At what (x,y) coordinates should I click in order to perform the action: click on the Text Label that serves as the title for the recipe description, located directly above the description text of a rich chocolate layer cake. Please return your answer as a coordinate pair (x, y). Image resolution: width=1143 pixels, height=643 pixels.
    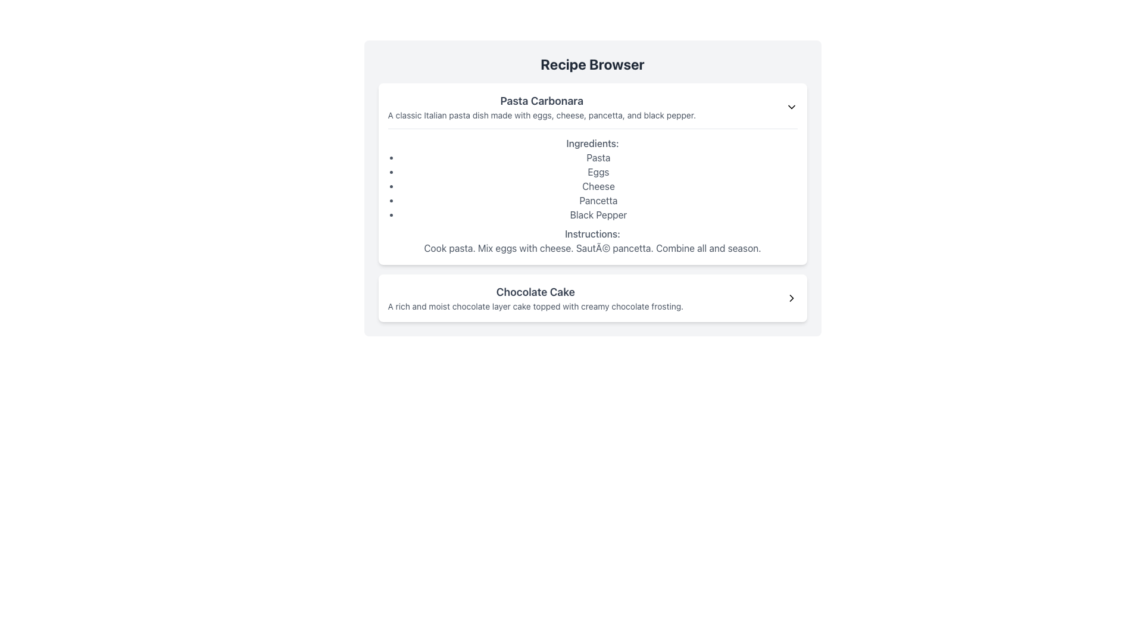
    Looking at the image, I should click on (535, 292).